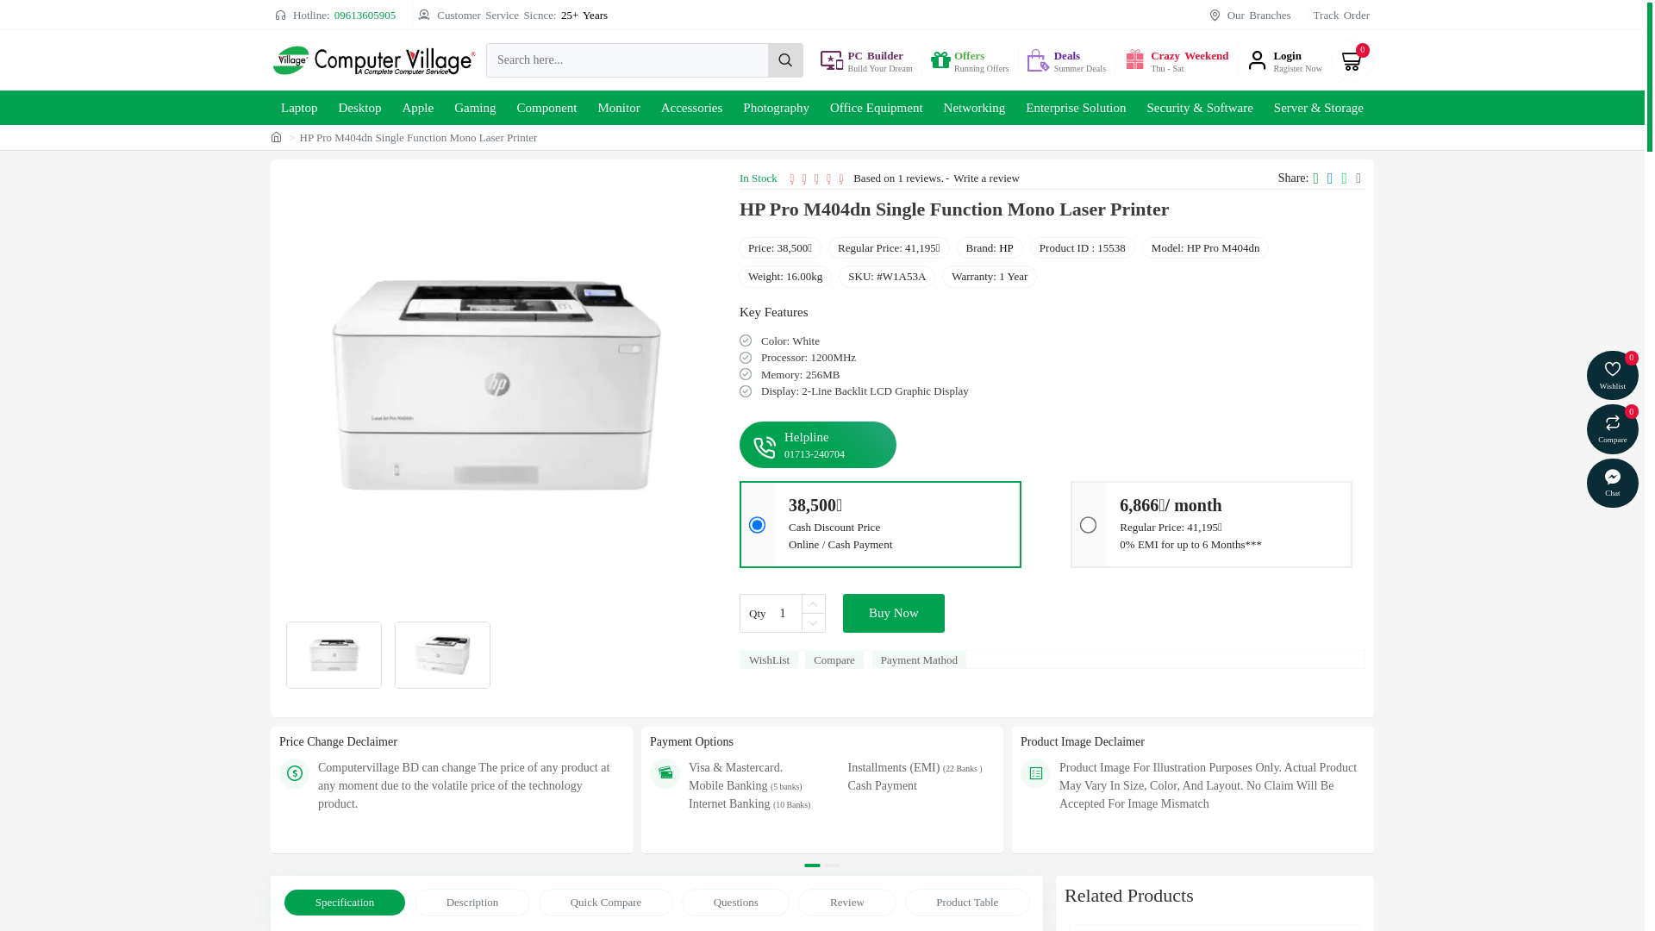 This screenshot has height=931, width=1655. Describe the element at coordinates (1318, 107) in the screenshot. I see `'Server & Storage'` at that location.